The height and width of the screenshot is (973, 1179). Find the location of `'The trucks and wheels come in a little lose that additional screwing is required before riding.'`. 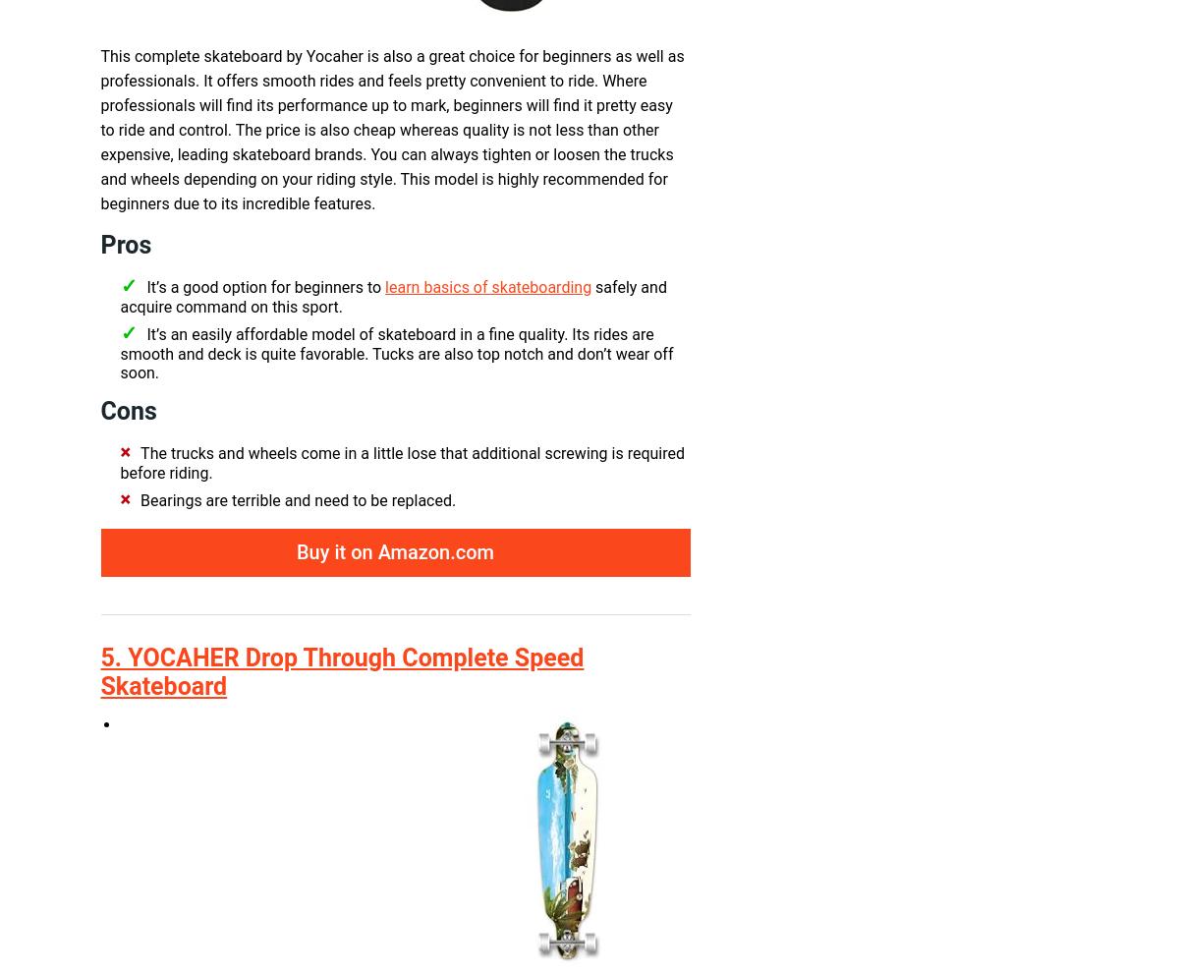

'The trucks and wheels come in a little lose that additional screwing is required before riding.' is located at coordinates (402, 463).